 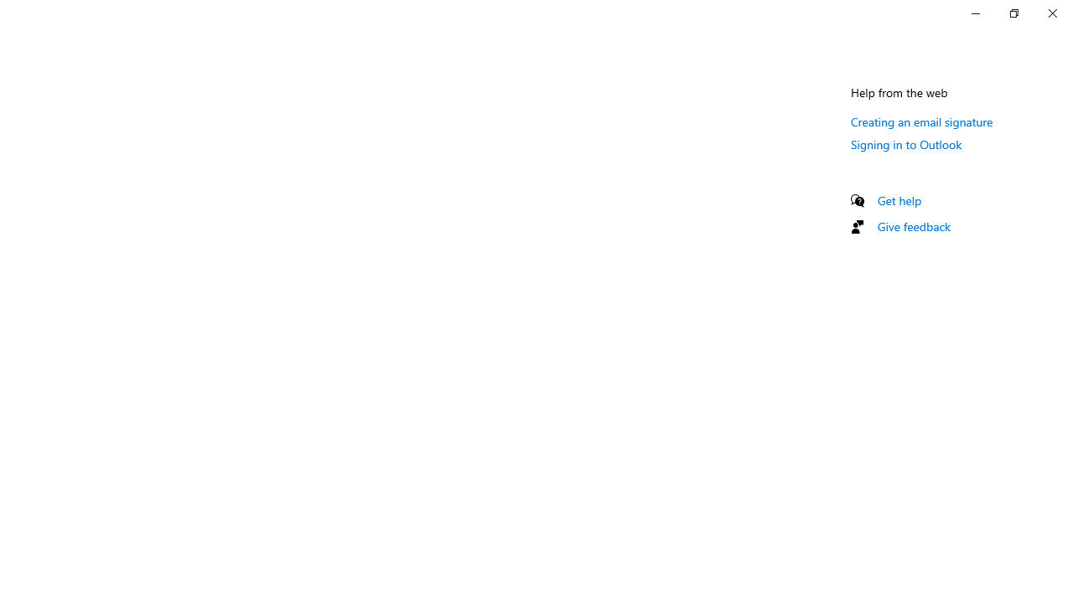 What do you see at coordinates (921, 121) in the screenshot?
I see `'Creating an email signature'` at bounding box center [921, 121].